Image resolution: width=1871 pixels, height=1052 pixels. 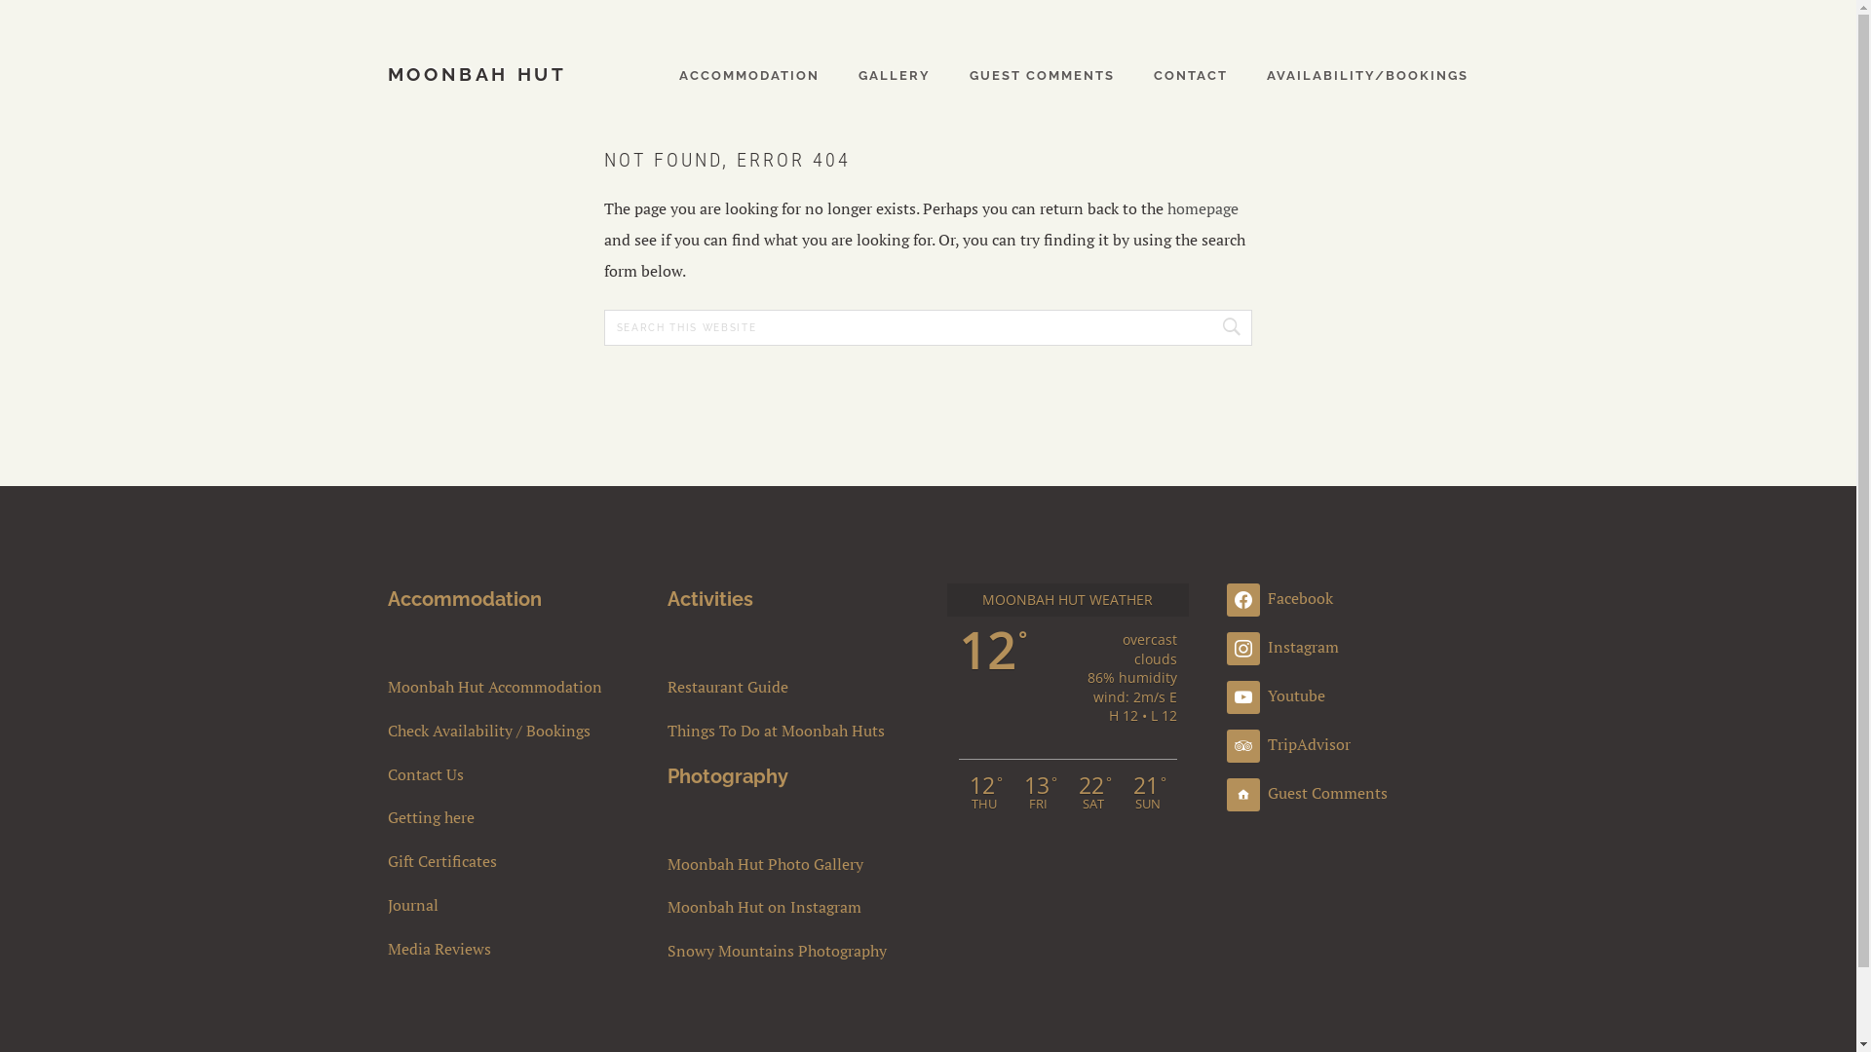 What do you see at coordinates (509, 686) in the screenshot?
I see `'Moonbah Hut Accommodation'` at bounding box center [509, 686].